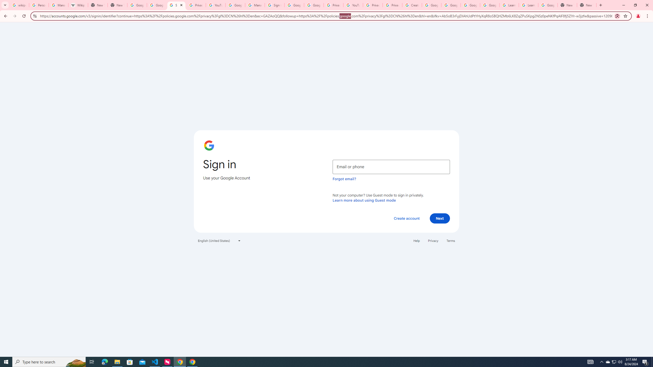 The image size is (653, 367). What do you see at coordinates (39, 5) in the screenshot?
I see `'Personalization & Google Search results - Google Search Help'` at bounding box center [39, 5].